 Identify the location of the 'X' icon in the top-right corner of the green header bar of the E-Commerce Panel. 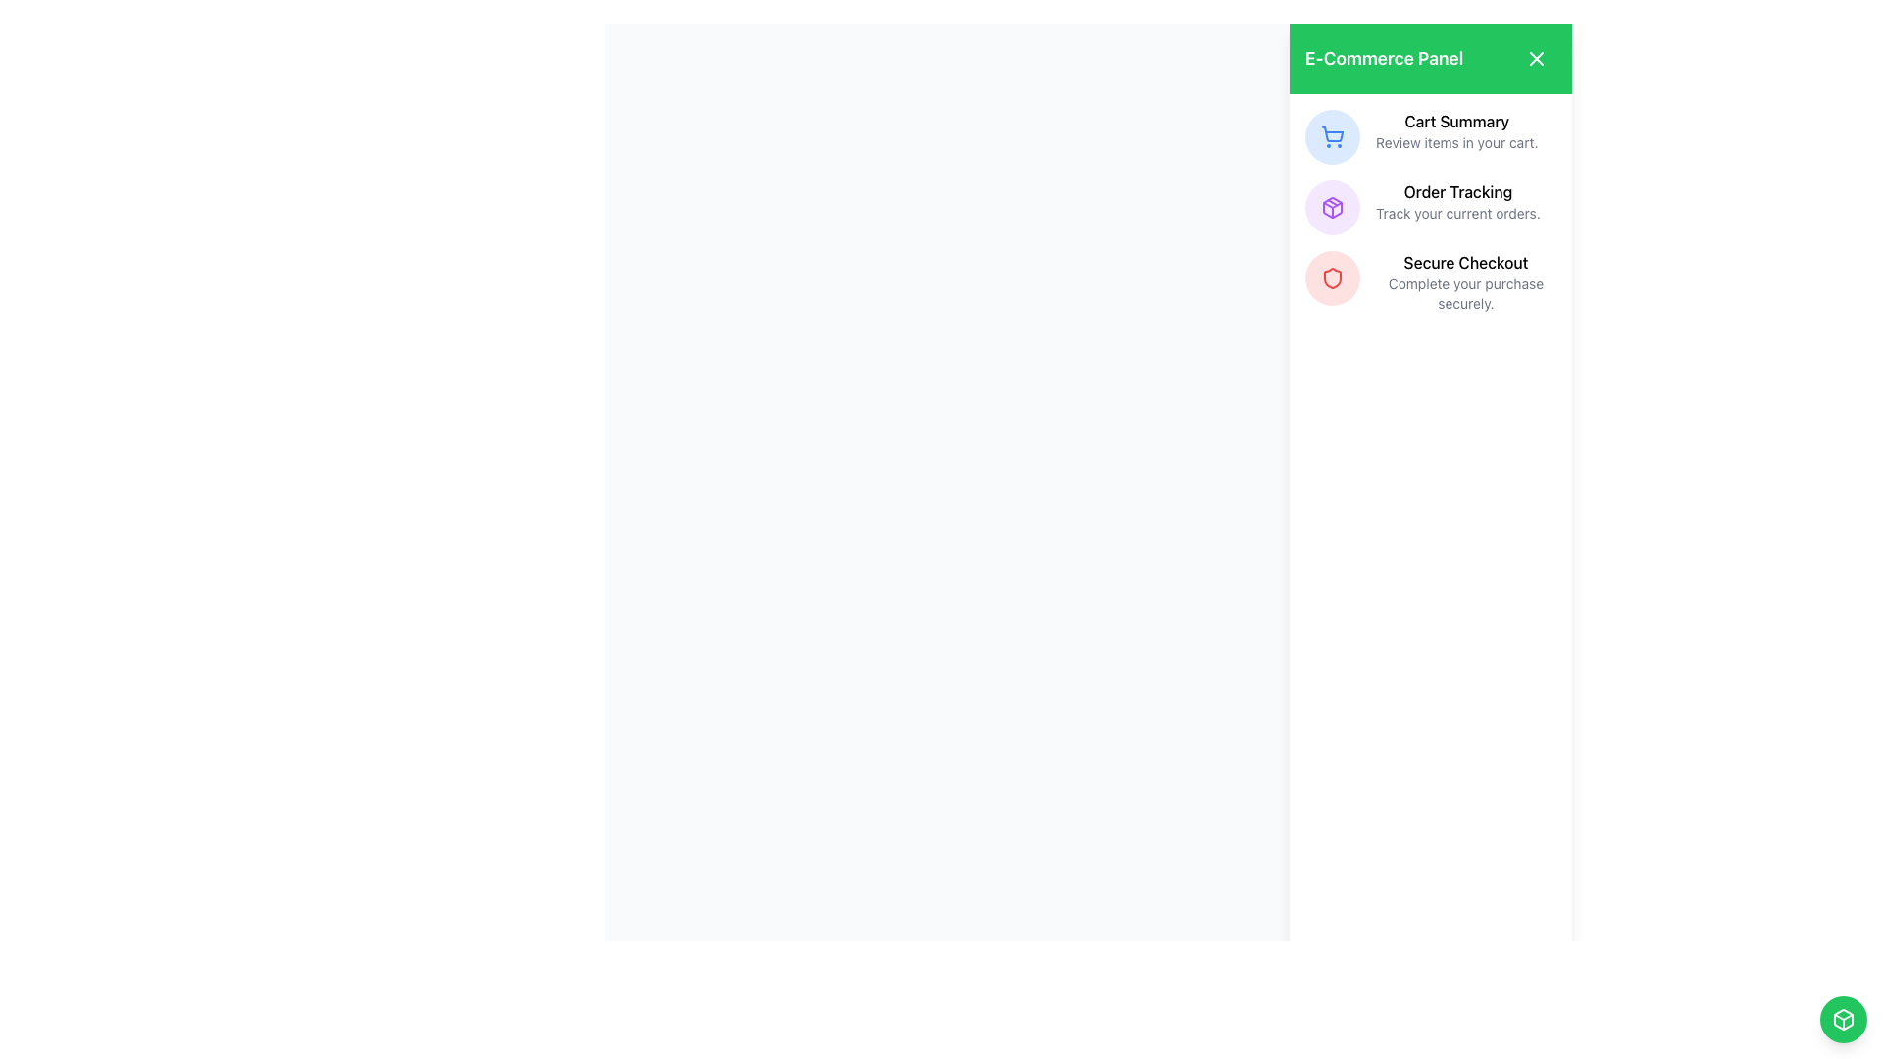
(1535, 58).